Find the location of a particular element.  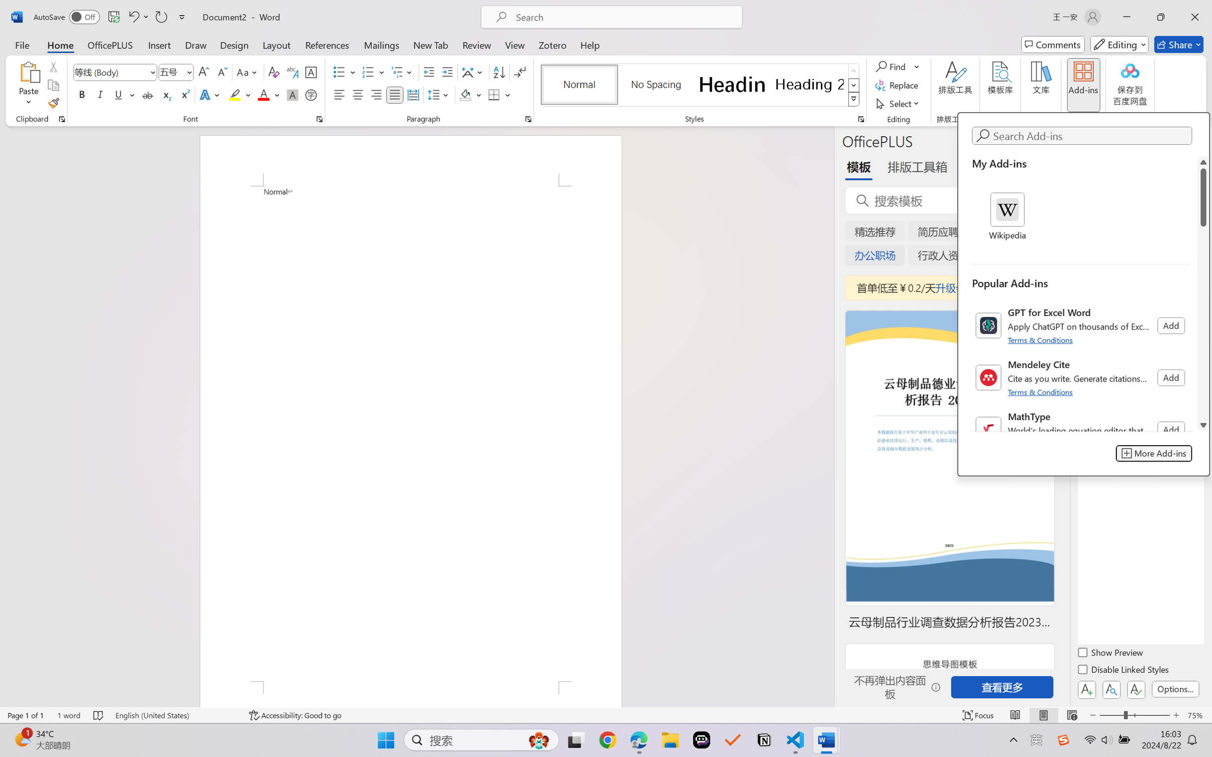

'Increase Indent' is located at coordinates (447, 72).